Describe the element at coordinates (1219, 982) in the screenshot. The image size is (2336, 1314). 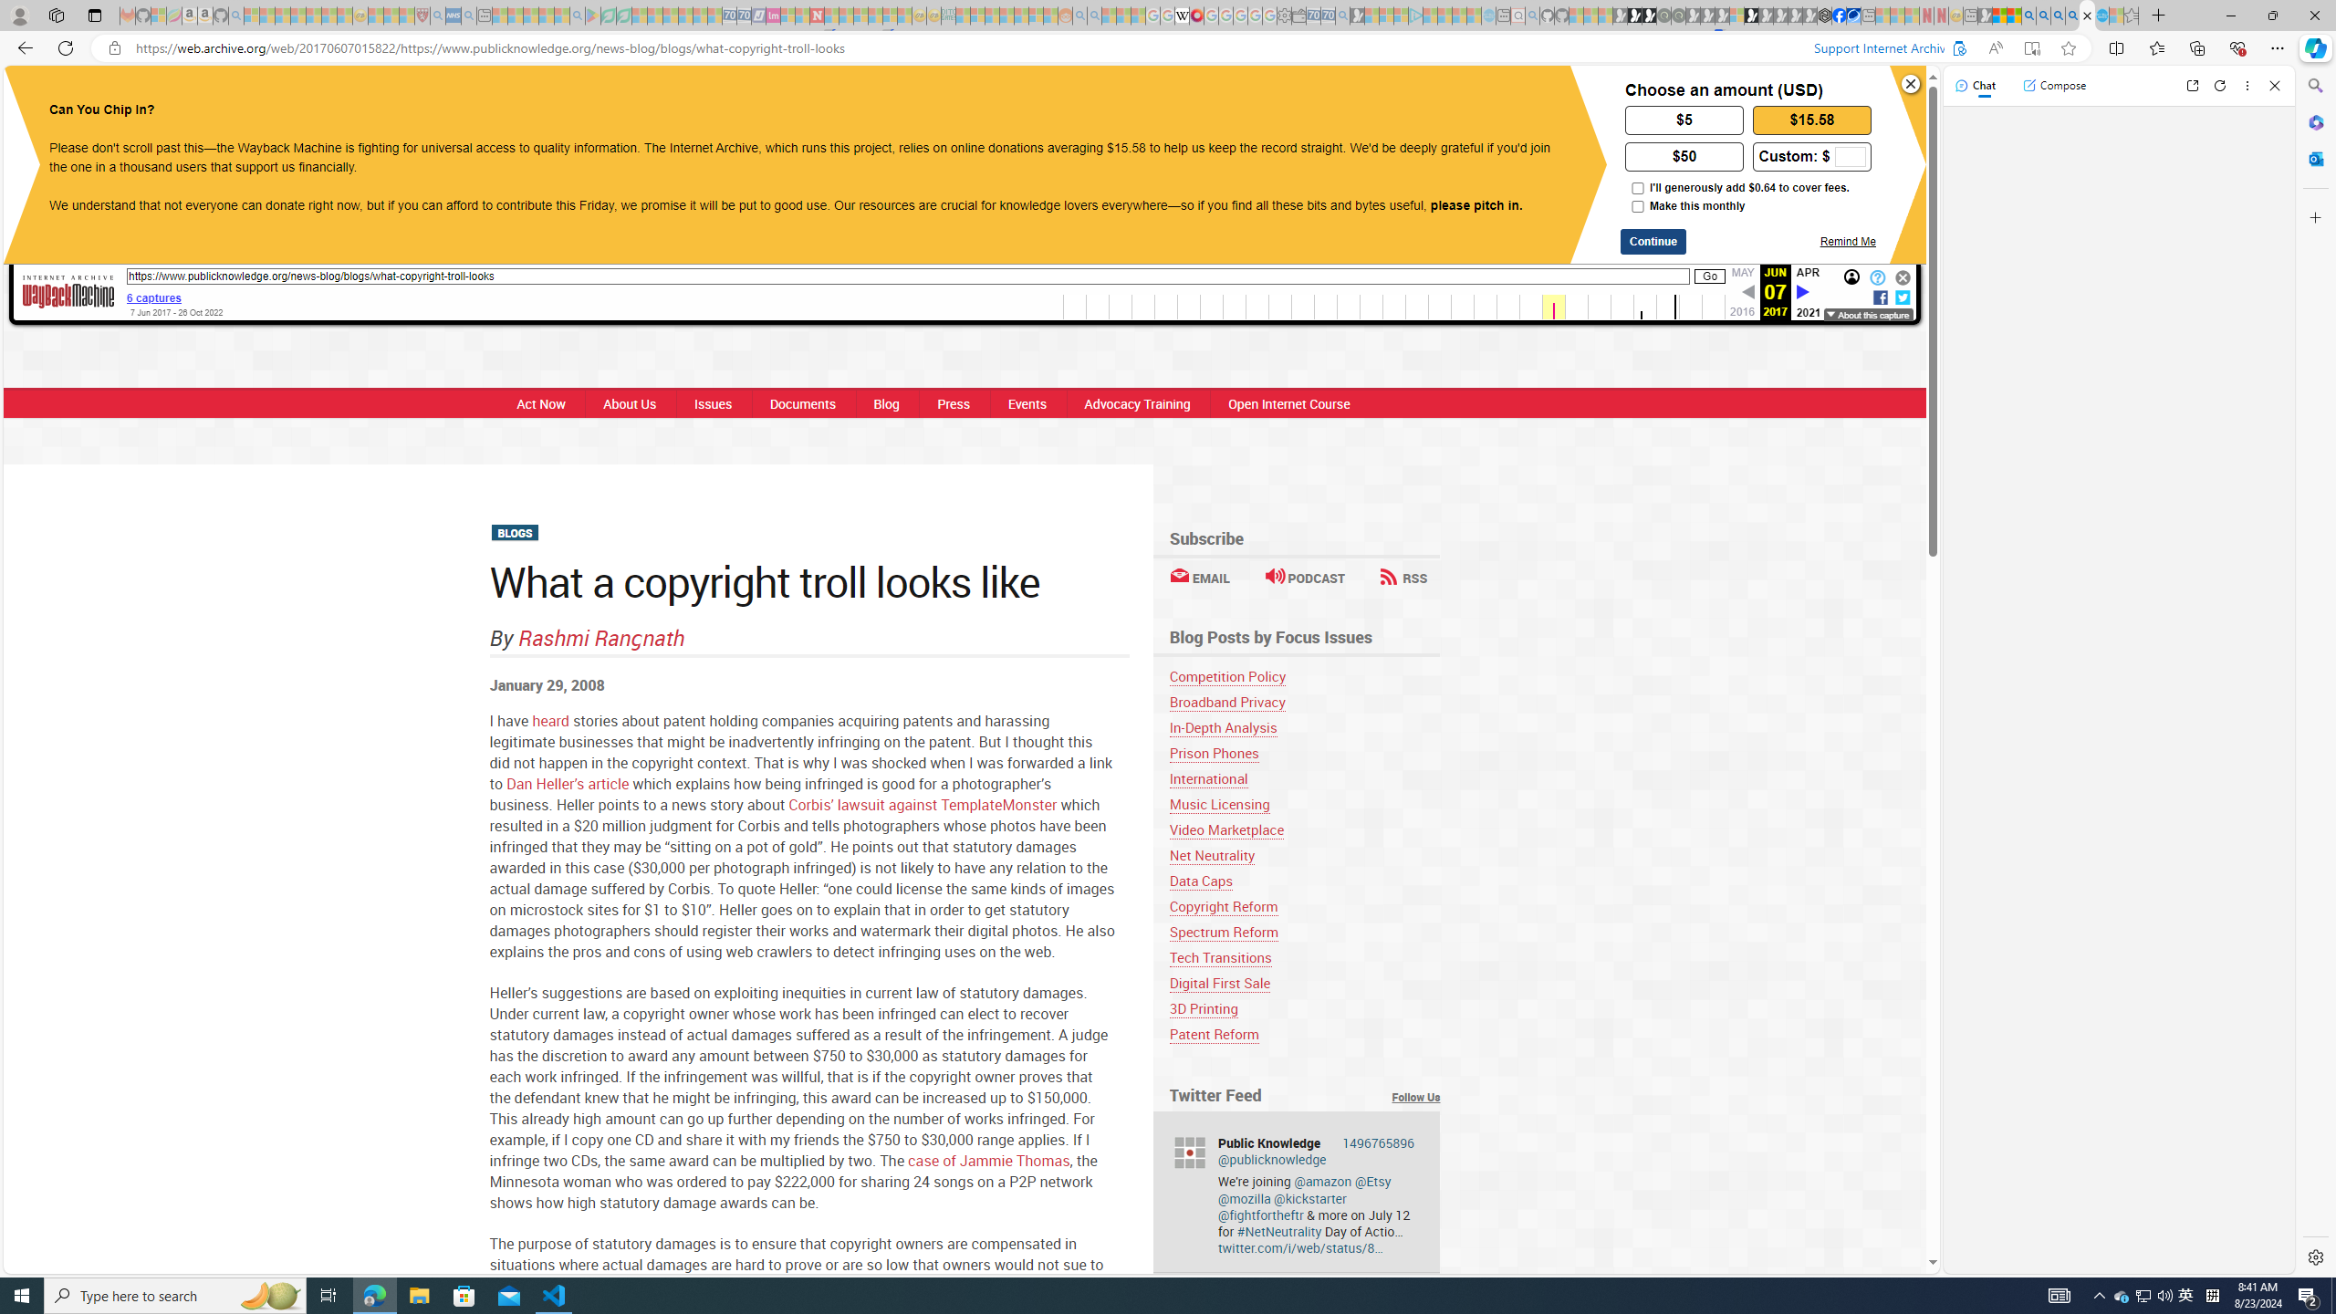
I see `'Digital First Sale'` at that location.